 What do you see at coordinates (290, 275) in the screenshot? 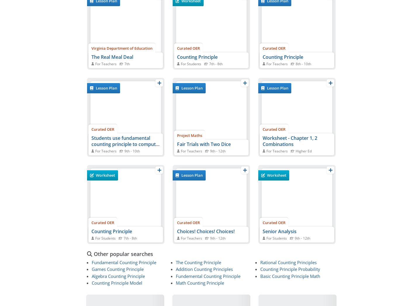
I see `'Basic Counting Principle Math'` at bounding box center [290, 275].